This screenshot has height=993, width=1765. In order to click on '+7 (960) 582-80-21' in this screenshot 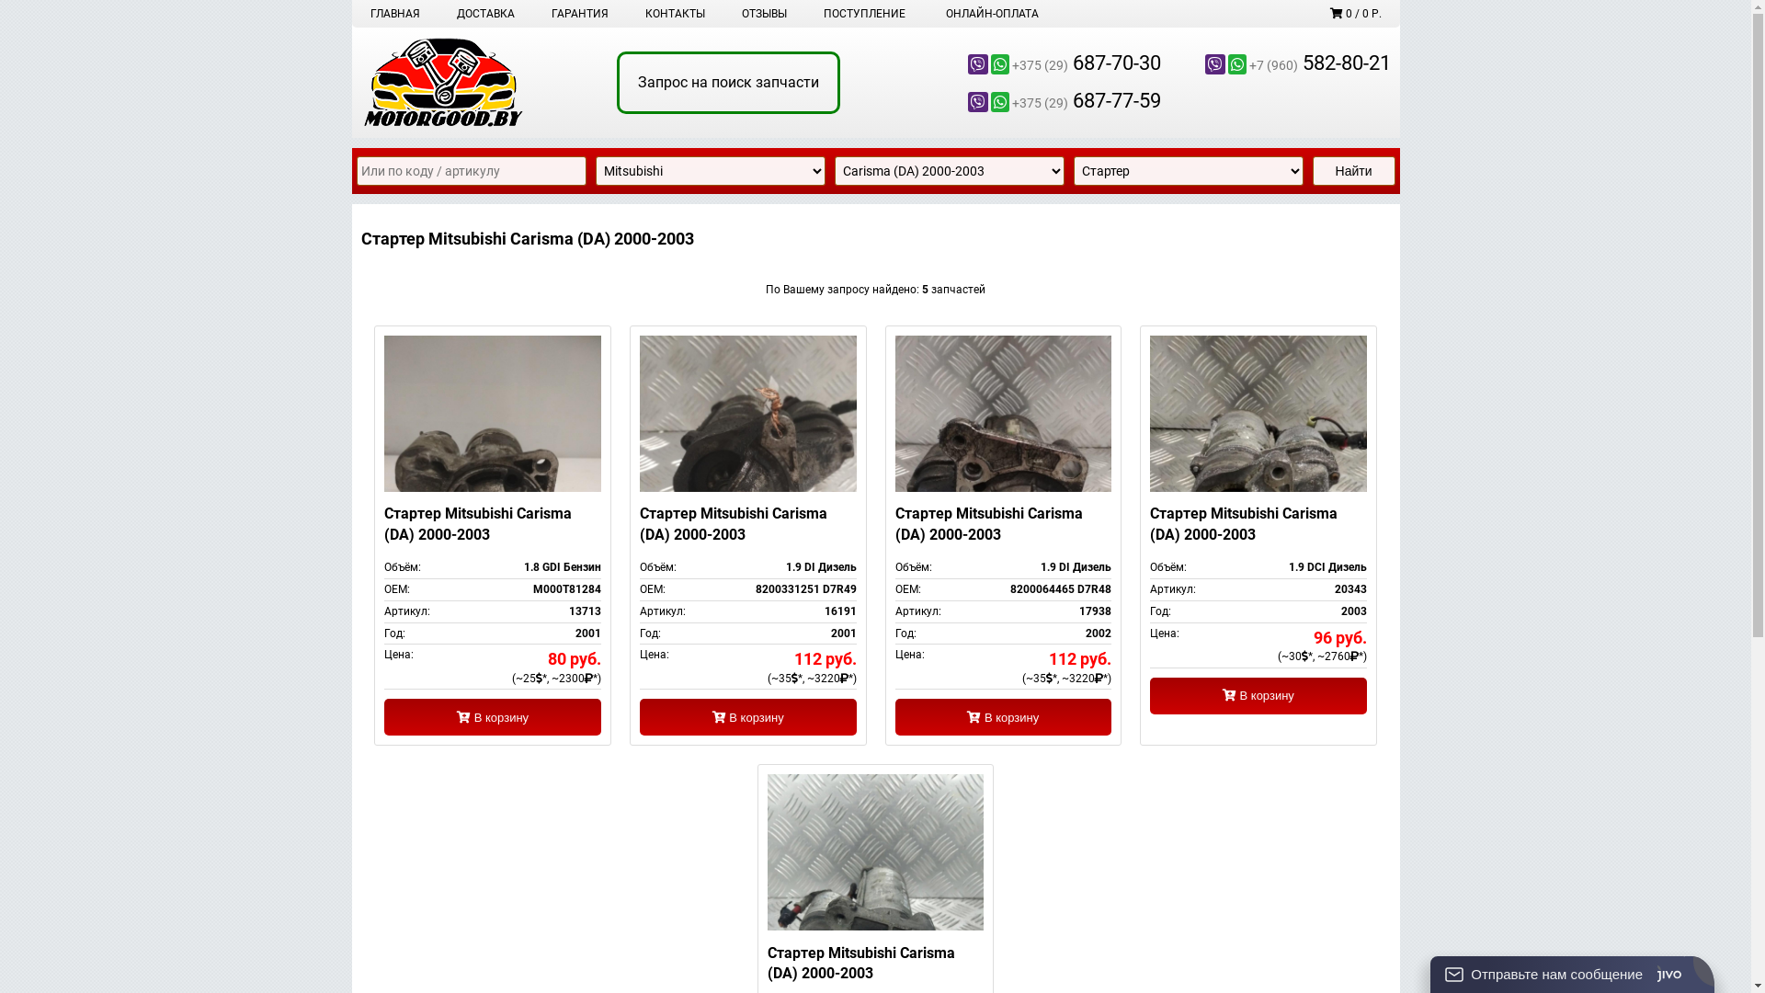, I will do `click(1274, 63)`.